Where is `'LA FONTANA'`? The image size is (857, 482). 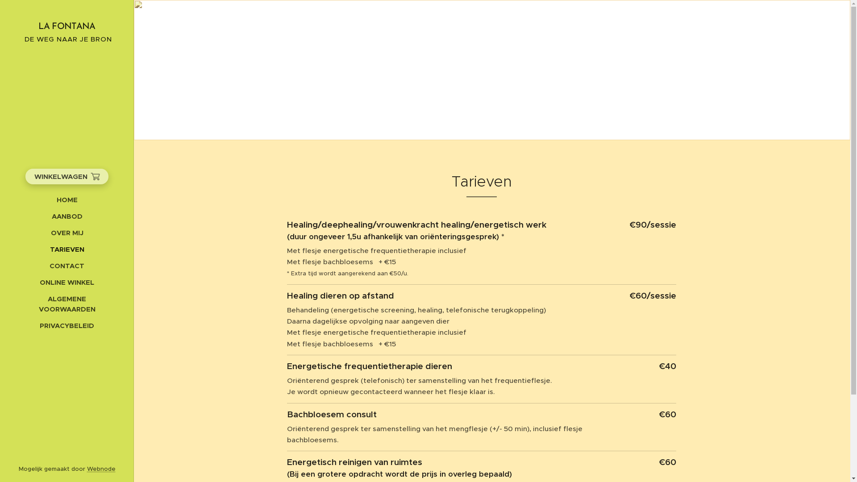 'LA FONTANA' is located at coordinates (66, 25).